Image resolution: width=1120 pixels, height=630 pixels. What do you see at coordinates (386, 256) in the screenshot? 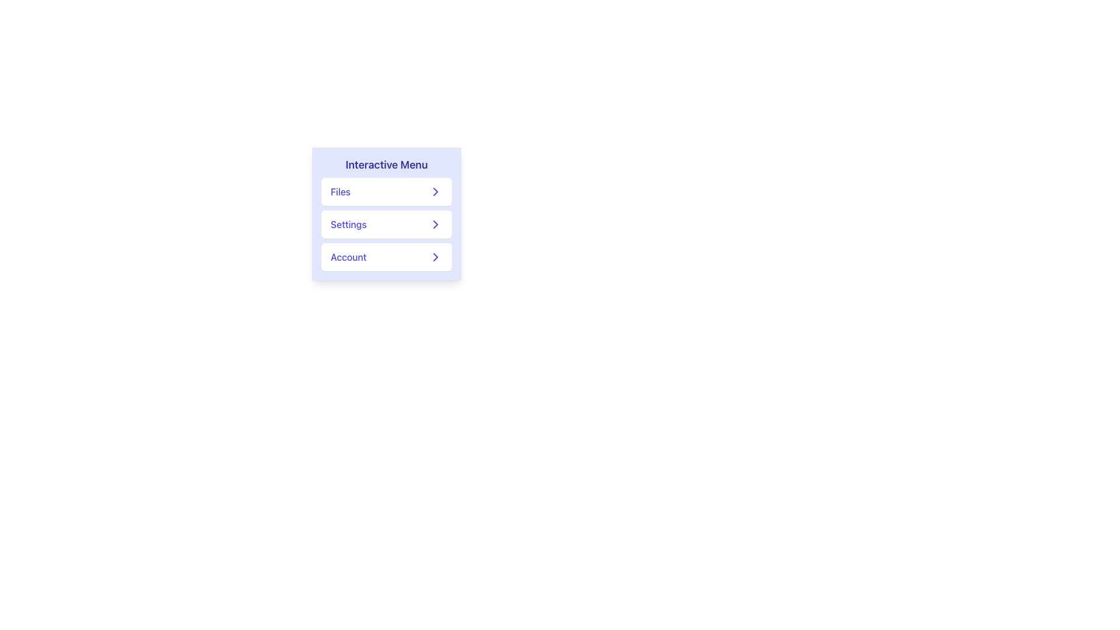
I see `the 'Account' interactive menu item` at bounding box center [386, 256].